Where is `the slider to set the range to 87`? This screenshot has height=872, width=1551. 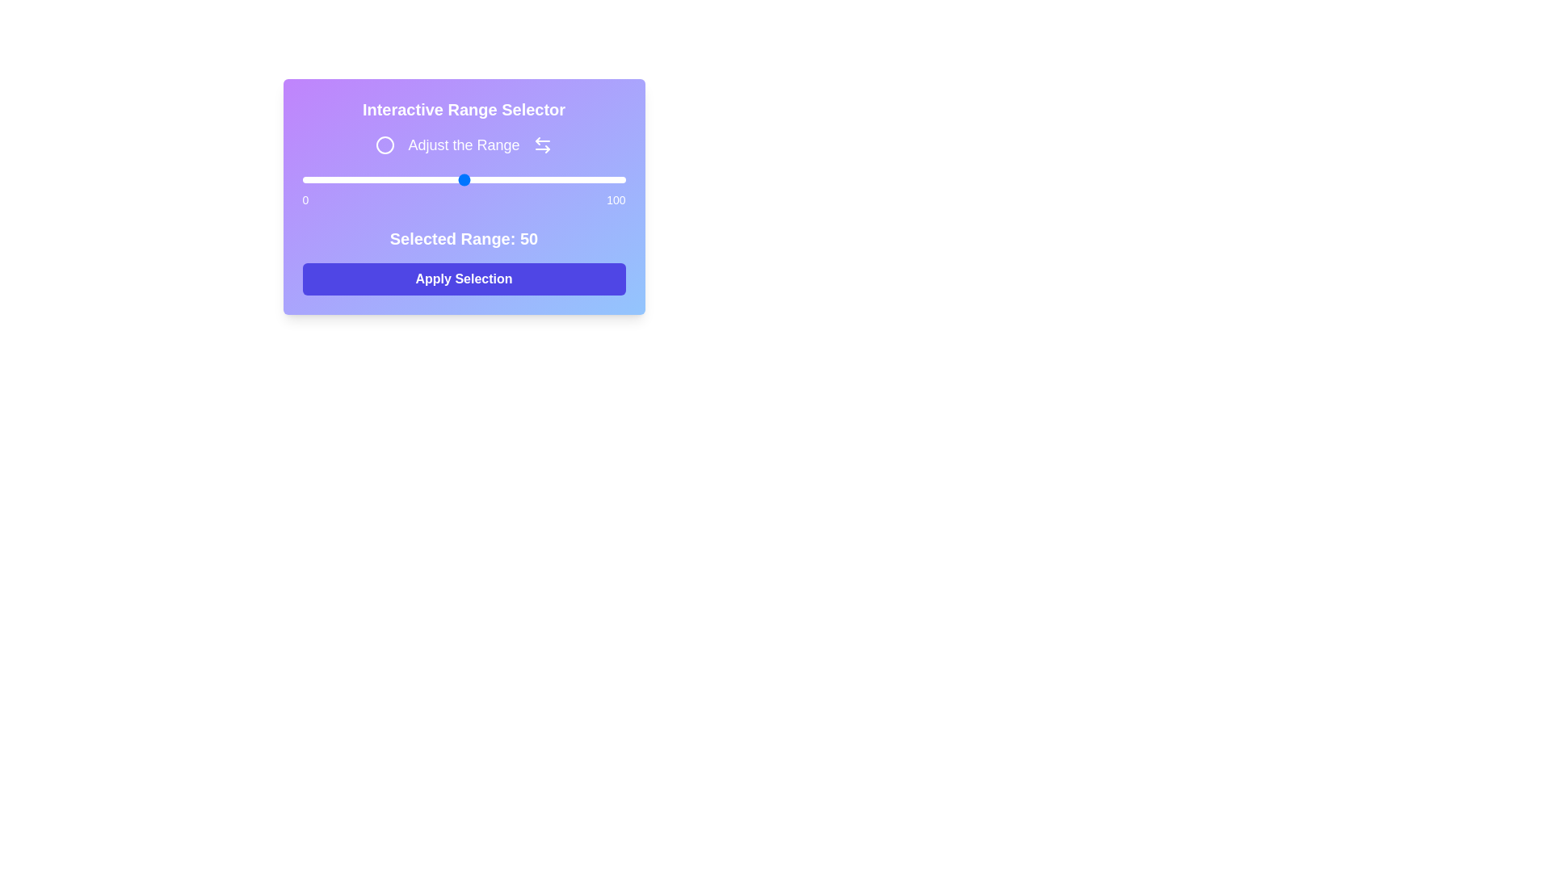
the slider to set the range to 87 is located at coordinates (582, 180).